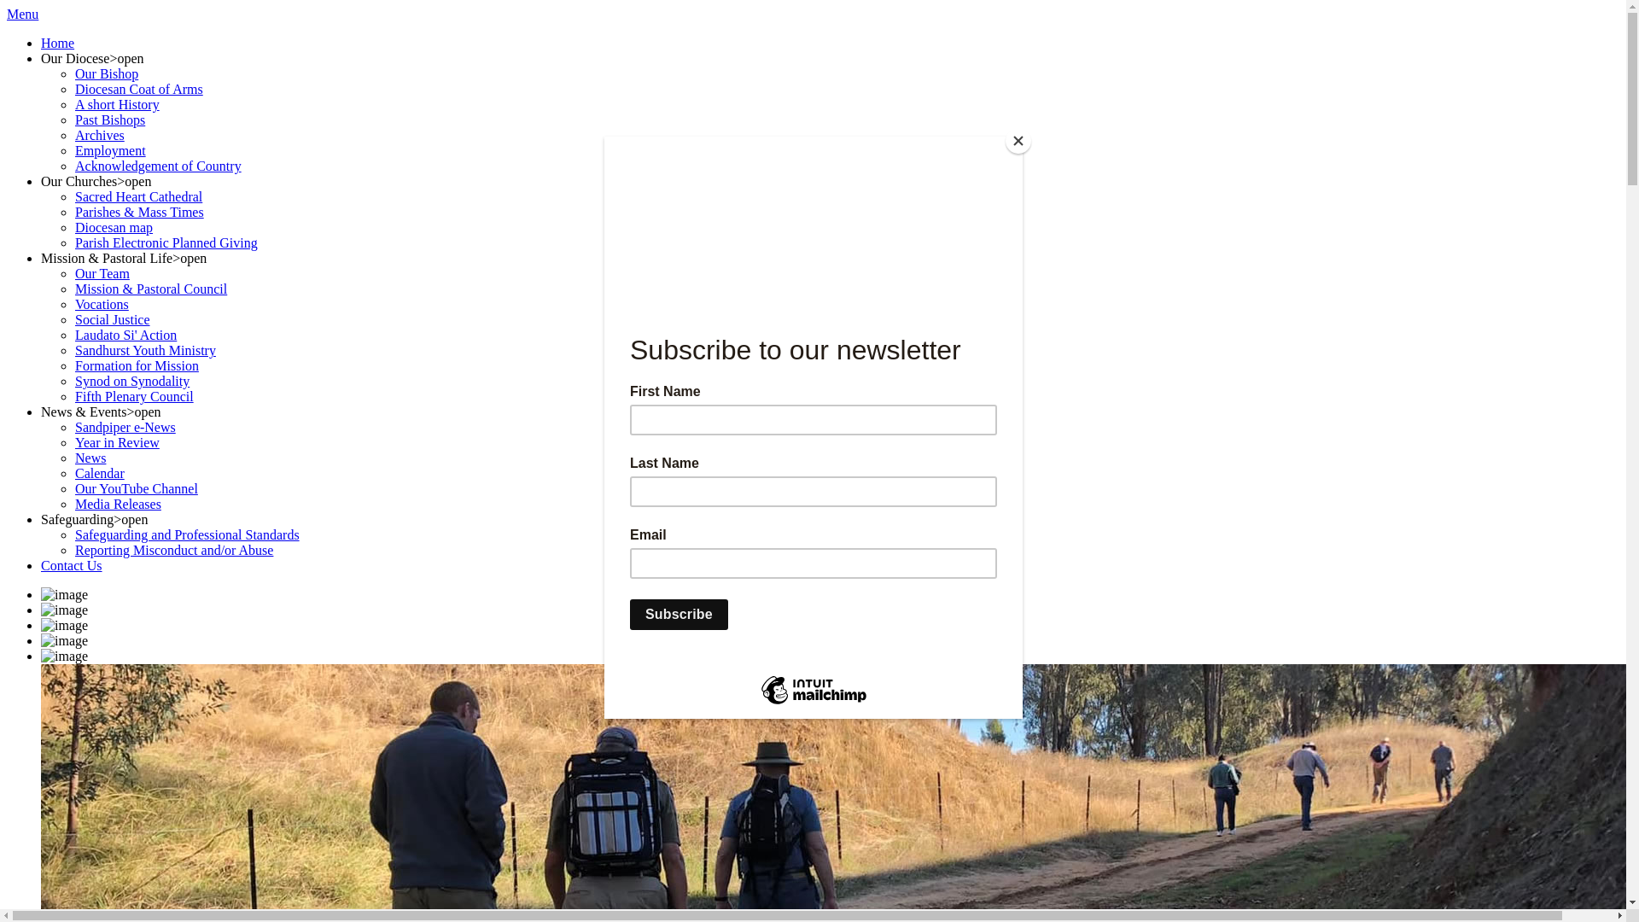  What do you see at coordinates (125, 335) in the screenshot?
I see `'Laudato Si' Action'` at bounding box center [125, 335].